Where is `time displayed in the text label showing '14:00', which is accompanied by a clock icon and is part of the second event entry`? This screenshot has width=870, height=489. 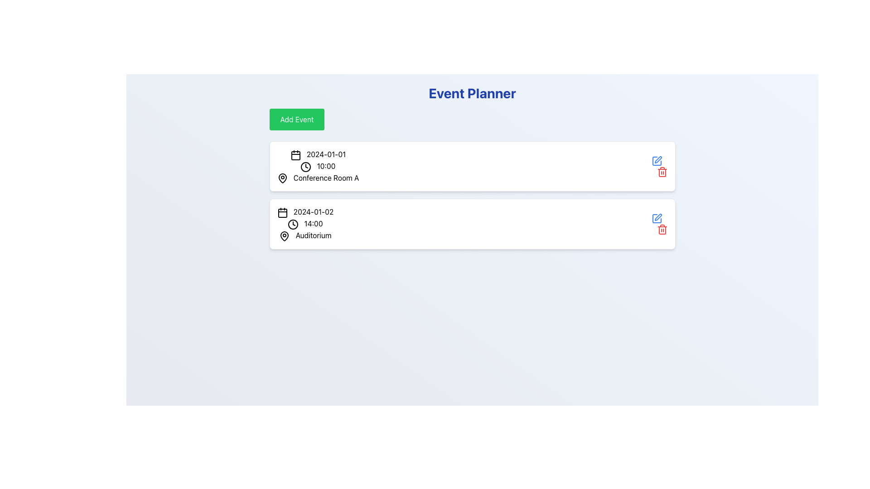 time displayed in the text label showing '14:00', which is accompanied by a clock icon and is part of the second event entry is located at coordinates (305, 224).